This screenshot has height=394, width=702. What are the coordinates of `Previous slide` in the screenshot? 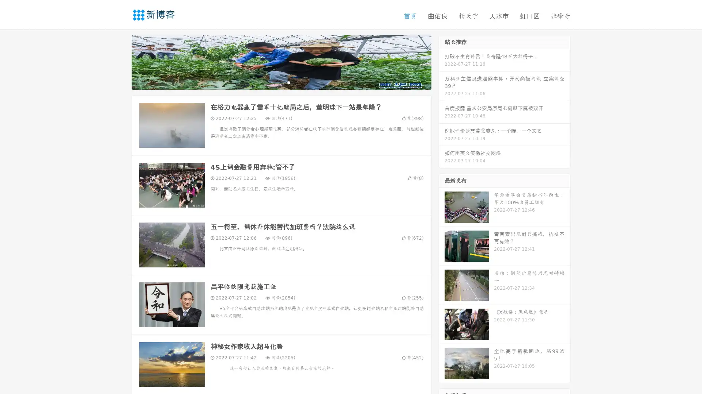 It's located at (121, 61).